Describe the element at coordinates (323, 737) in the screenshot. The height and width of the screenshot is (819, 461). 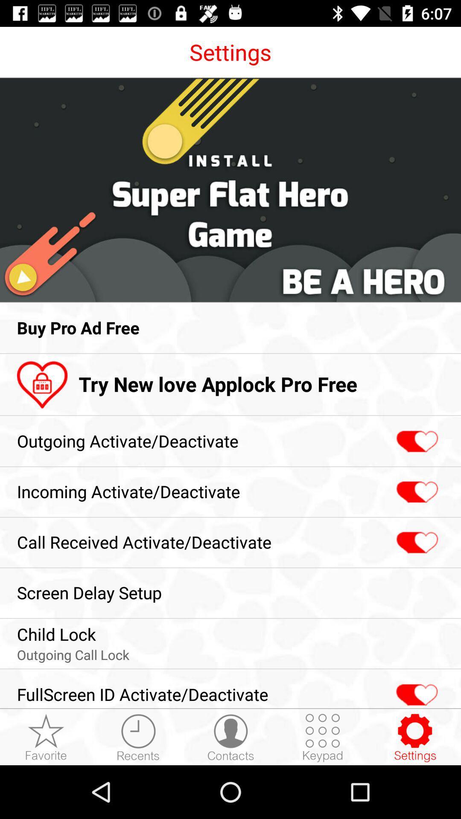
I see `item next to the fullscreen id activate app` at that location.